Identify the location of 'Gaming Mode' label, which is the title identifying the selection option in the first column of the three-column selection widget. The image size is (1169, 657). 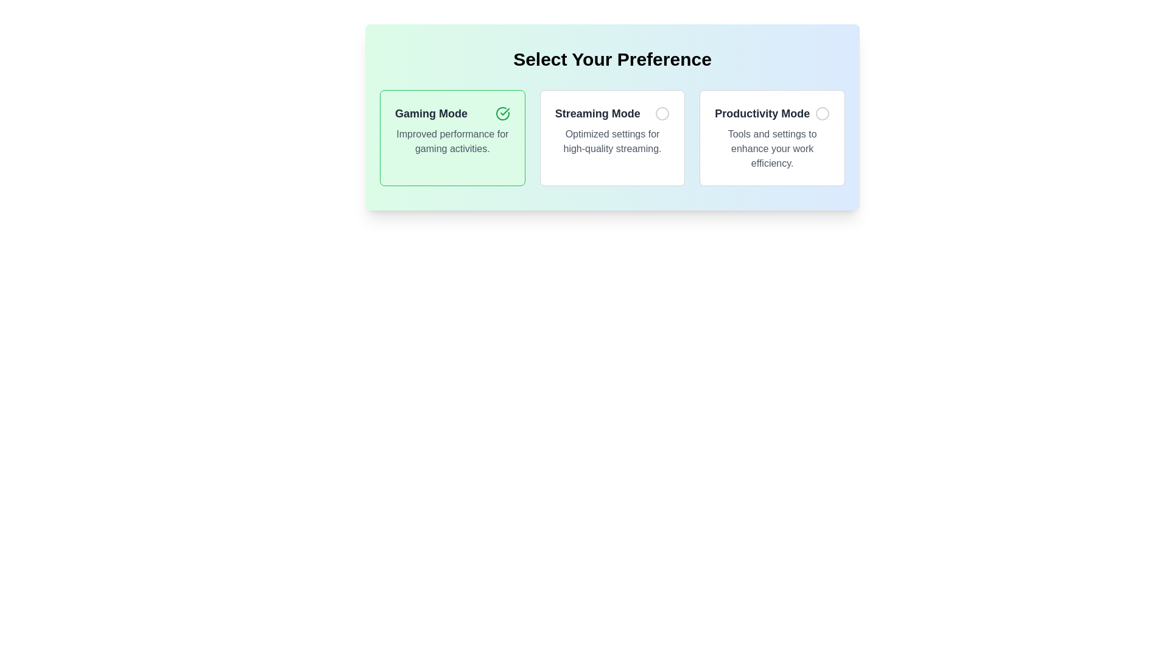
(431, 113).